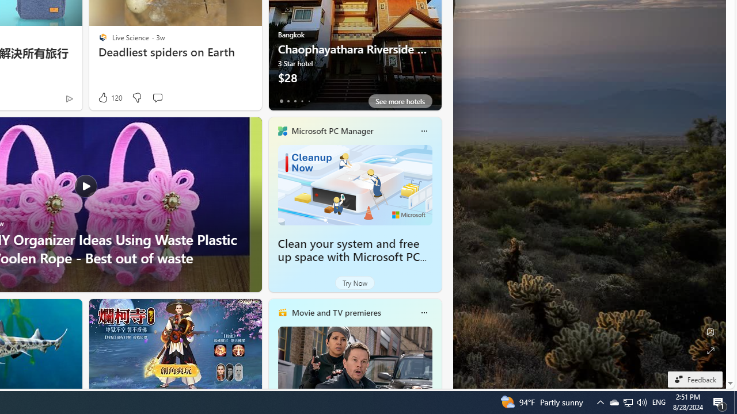 The height and width of the screenshot is (414, 737). I want to click on 'See more hotels', so click(400, 101).